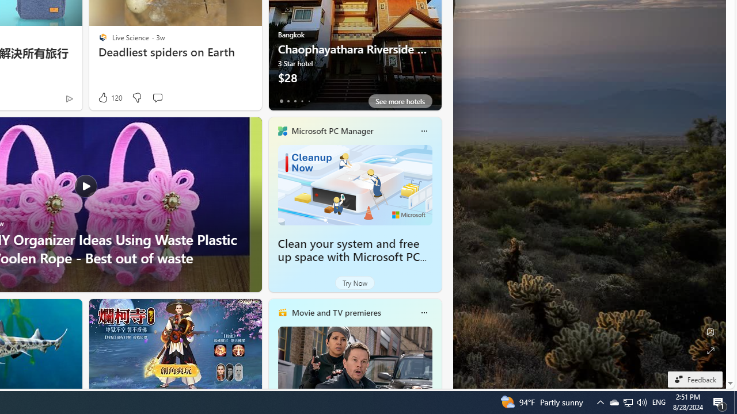 The height and width of the screenshot is (414, 737). I want to click on 'See more hotels', so click(400, 101).